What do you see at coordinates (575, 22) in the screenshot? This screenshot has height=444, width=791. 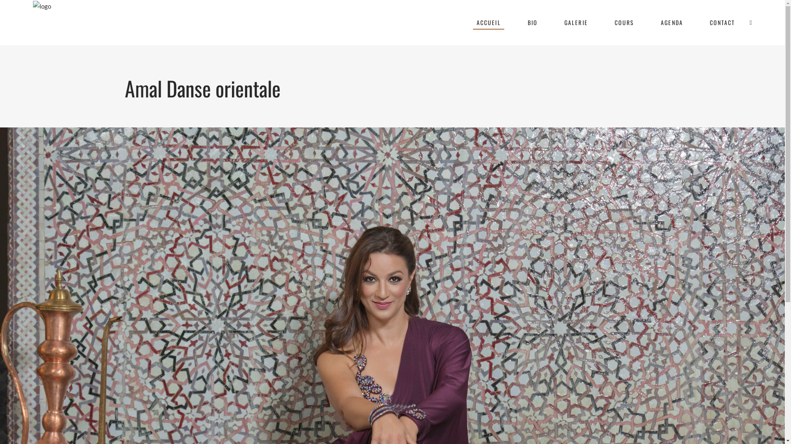 I see `'GALERIE'` at bounding box center [575, 22].